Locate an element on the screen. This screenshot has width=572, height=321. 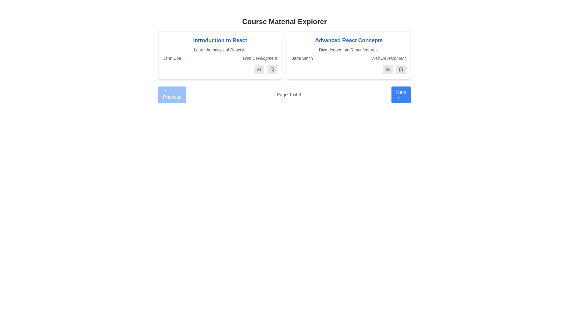
the blue, bold text heading 'Introduction to React' is located at coordinates (220, 40).